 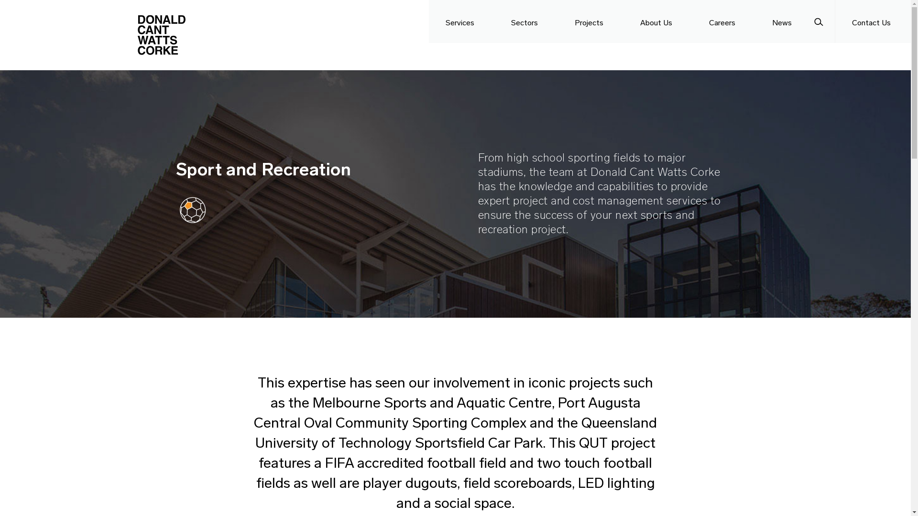 What do you see at coordinates (623, 21) in the screenshot?
I see `'About Us'` at bounding box center [623, 21].